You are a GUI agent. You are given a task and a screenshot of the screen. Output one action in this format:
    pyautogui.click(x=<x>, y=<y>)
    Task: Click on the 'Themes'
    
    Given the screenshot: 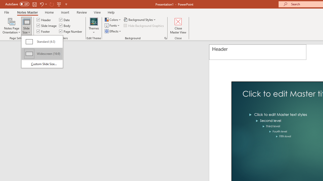 What is the action you would take?
    pyautogui.click(x=94, y=26)
    